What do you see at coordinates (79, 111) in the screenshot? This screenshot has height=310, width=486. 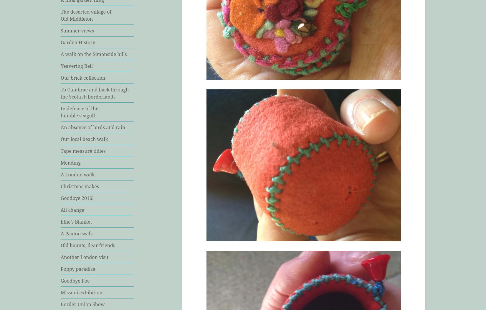 I see `'In defence of the humble seagull'` at bounding box center [79, 111].